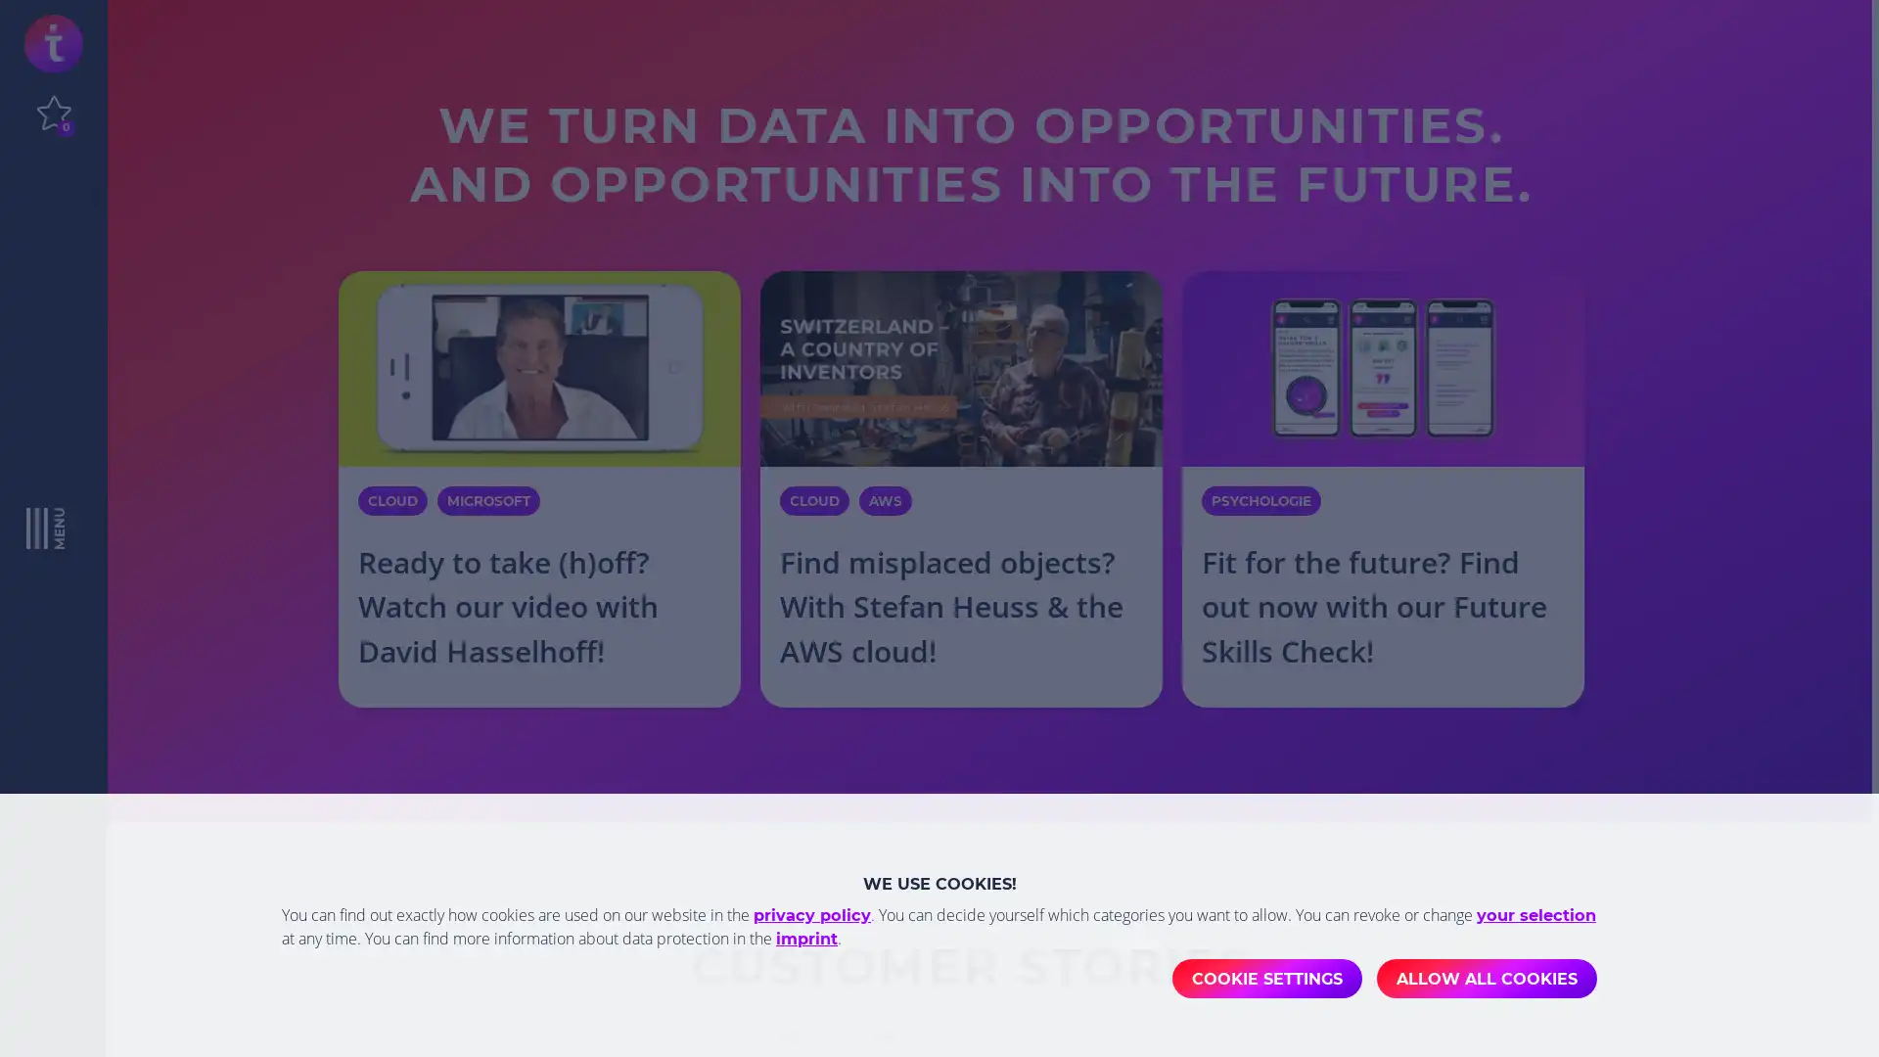 This screenshot has height=1057, width=1879. I want to click on ALLOW ALL COOKIES, so click(1487, 978).